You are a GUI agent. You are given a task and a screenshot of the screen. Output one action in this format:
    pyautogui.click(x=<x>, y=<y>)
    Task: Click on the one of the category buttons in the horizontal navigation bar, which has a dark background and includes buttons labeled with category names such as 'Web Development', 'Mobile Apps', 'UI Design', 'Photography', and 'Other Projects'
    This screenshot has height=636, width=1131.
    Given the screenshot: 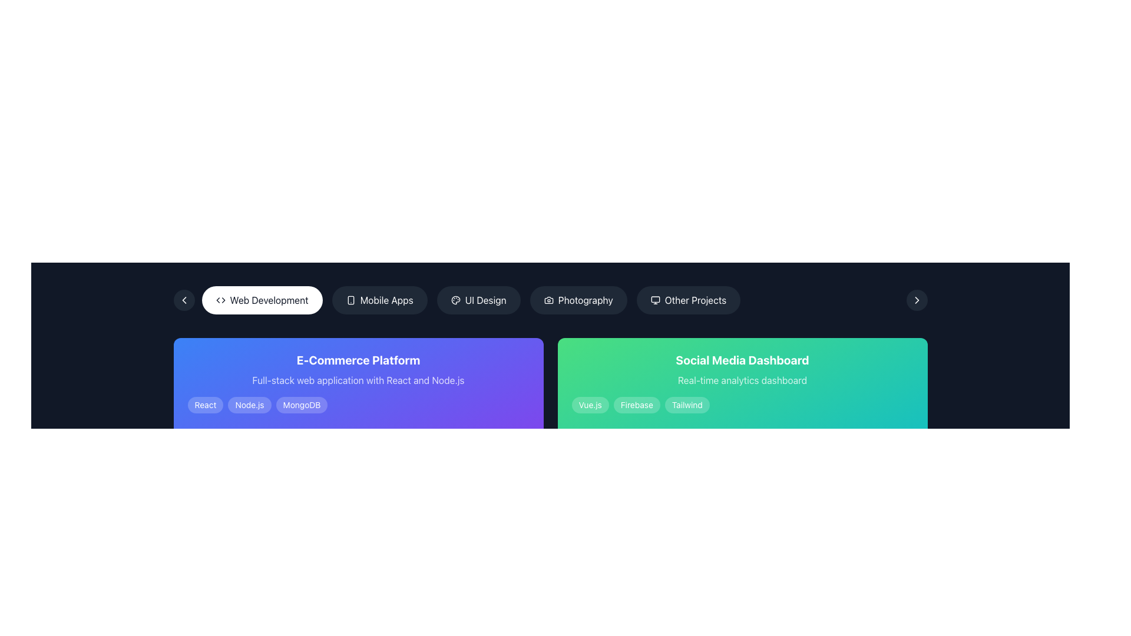 What is the action you would take?
    pyautogui.click(x=550, y=299)
    